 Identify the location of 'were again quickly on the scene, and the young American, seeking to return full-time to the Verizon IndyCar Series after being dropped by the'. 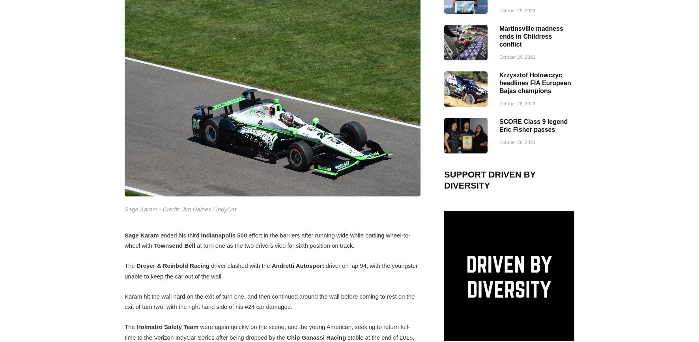
(124, 331).